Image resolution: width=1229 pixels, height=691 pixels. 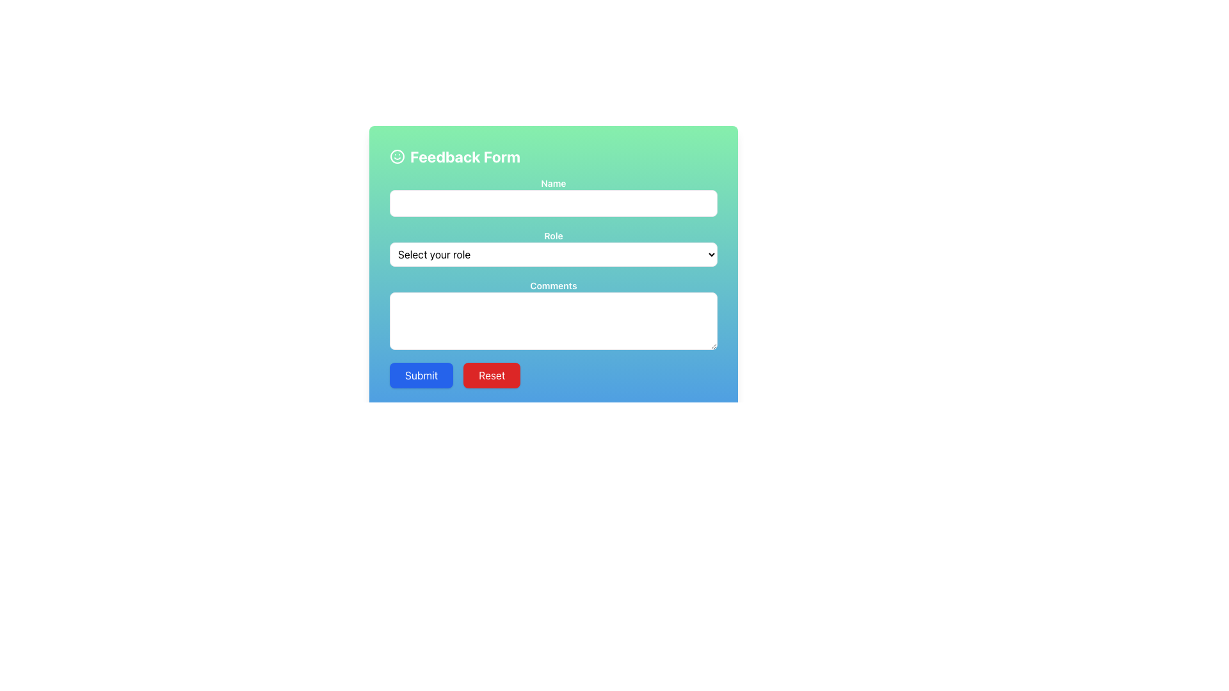 What do you see at coordinates (553, 183) in the screenshot?
I see `the 'Name' text label, which is bold and white, positioned against a green gradient background, and located above a text input box` at bounding box center [553, 183].